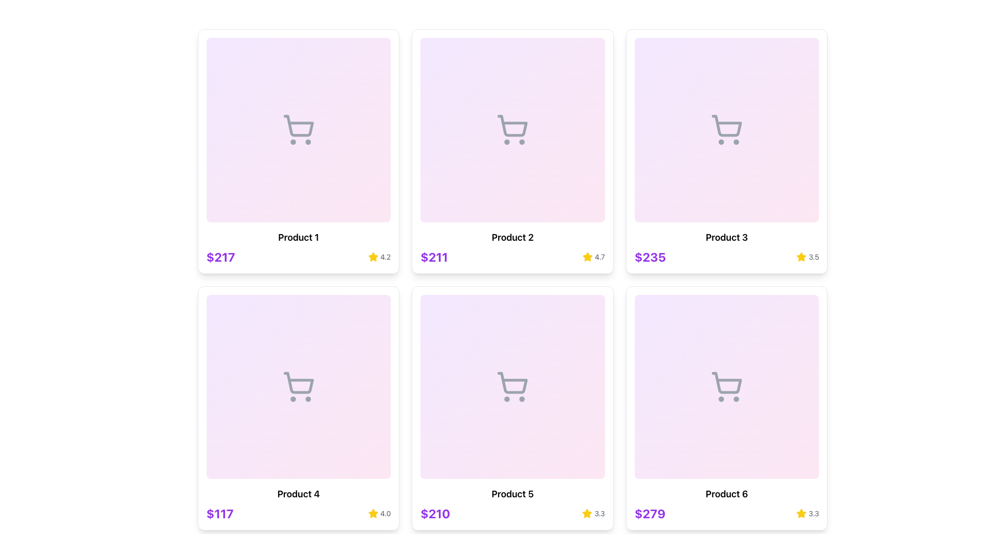 This screenshot has width=982, height=552. Describe the element at coordinates (298, 151) in the screenshot. I see `the first product card in the top-left corner of the grid` at that location.